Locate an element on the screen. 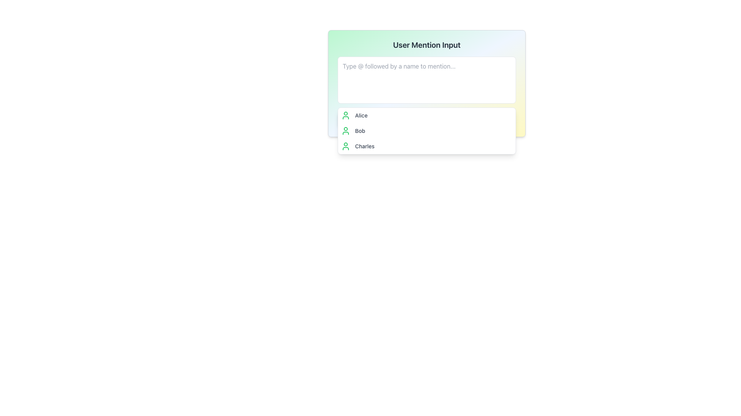 Image resolution: width=741 pixels, height=416 pixels. the text displaying 'Alice' in the dropdown list is located at coordinates (361, 116).